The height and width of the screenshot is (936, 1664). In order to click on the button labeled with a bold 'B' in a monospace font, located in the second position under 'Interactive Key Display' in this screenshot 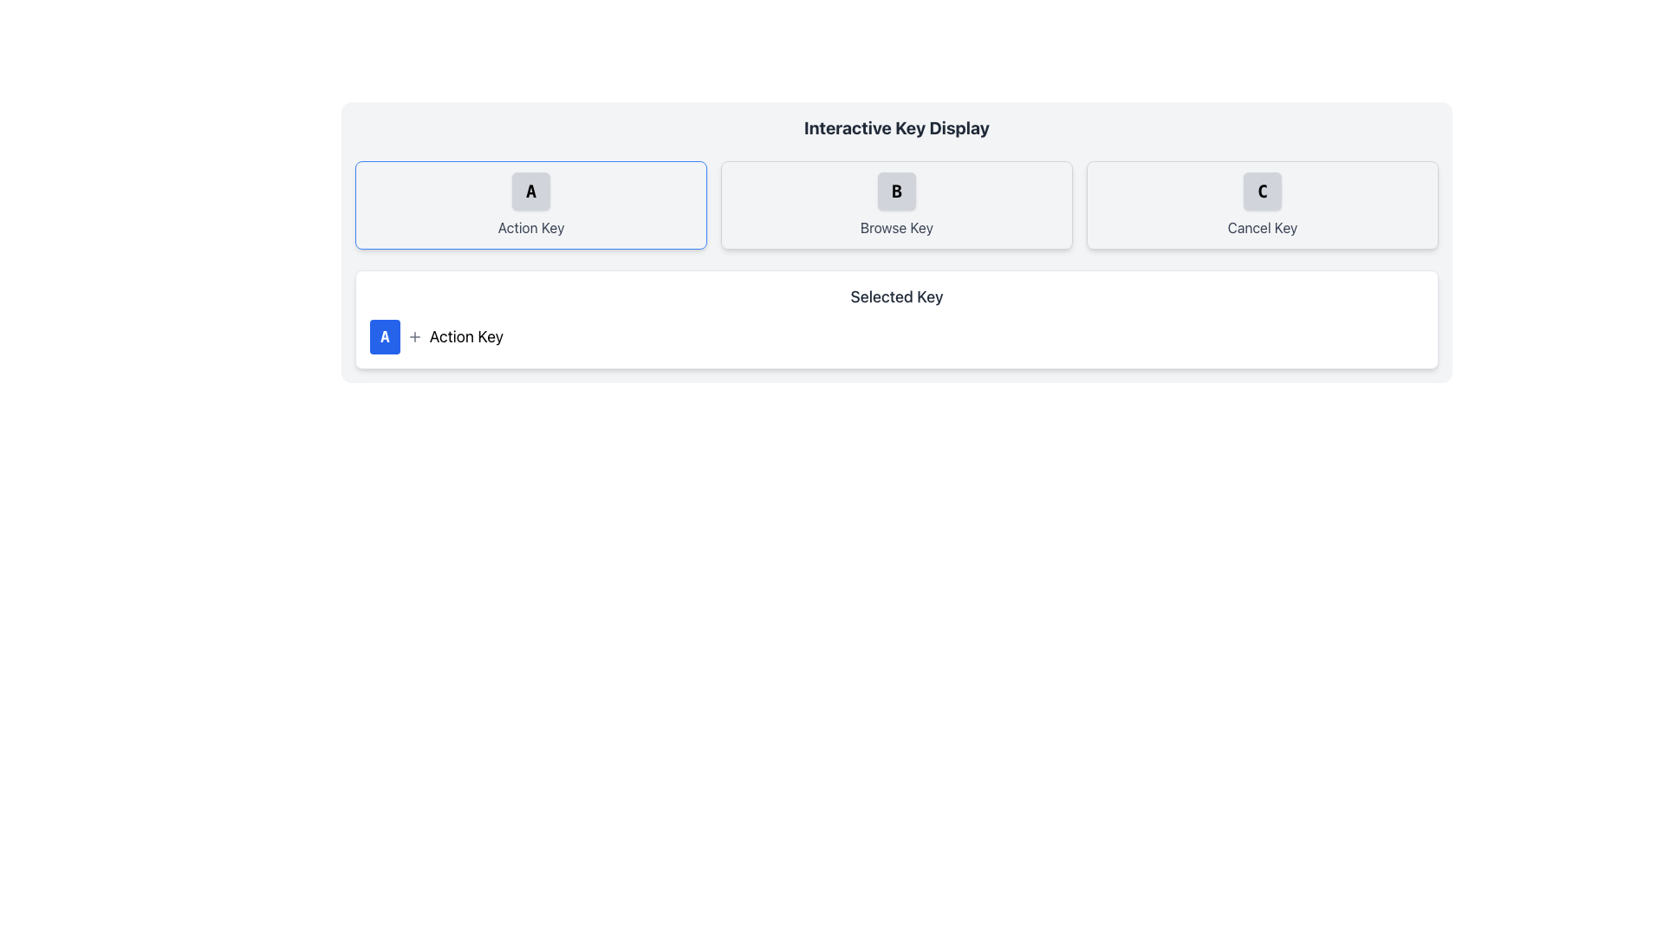, I will do `click(897, 191)`.